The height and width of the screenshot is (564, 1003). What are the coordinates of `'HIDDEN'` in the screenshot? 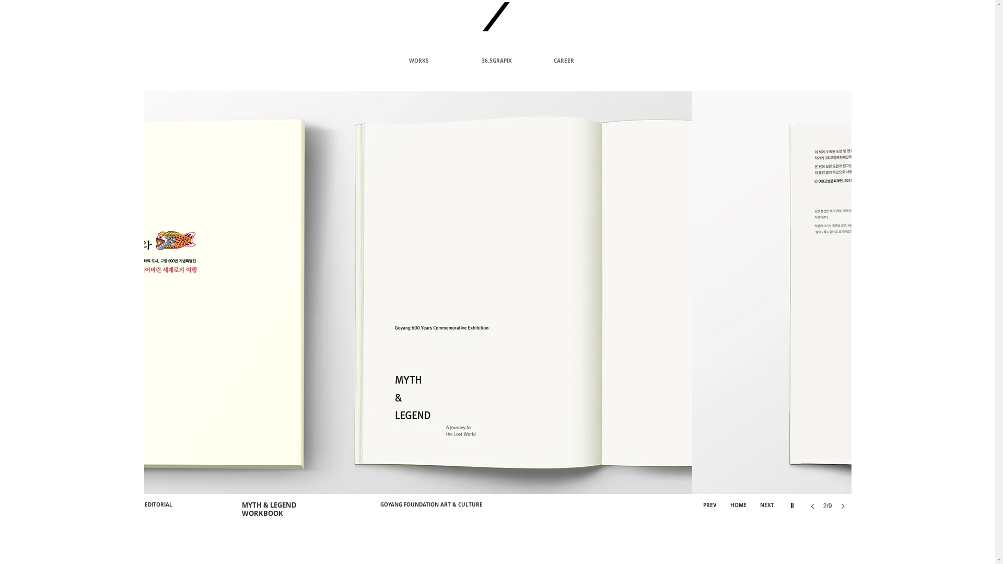 It's located at (497, 553).